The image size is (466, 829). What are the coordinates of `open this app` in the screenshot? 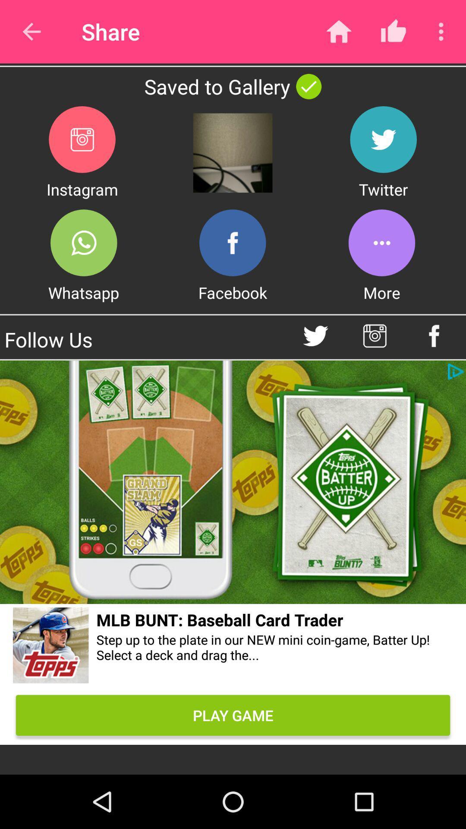 It's located at (84, 242).